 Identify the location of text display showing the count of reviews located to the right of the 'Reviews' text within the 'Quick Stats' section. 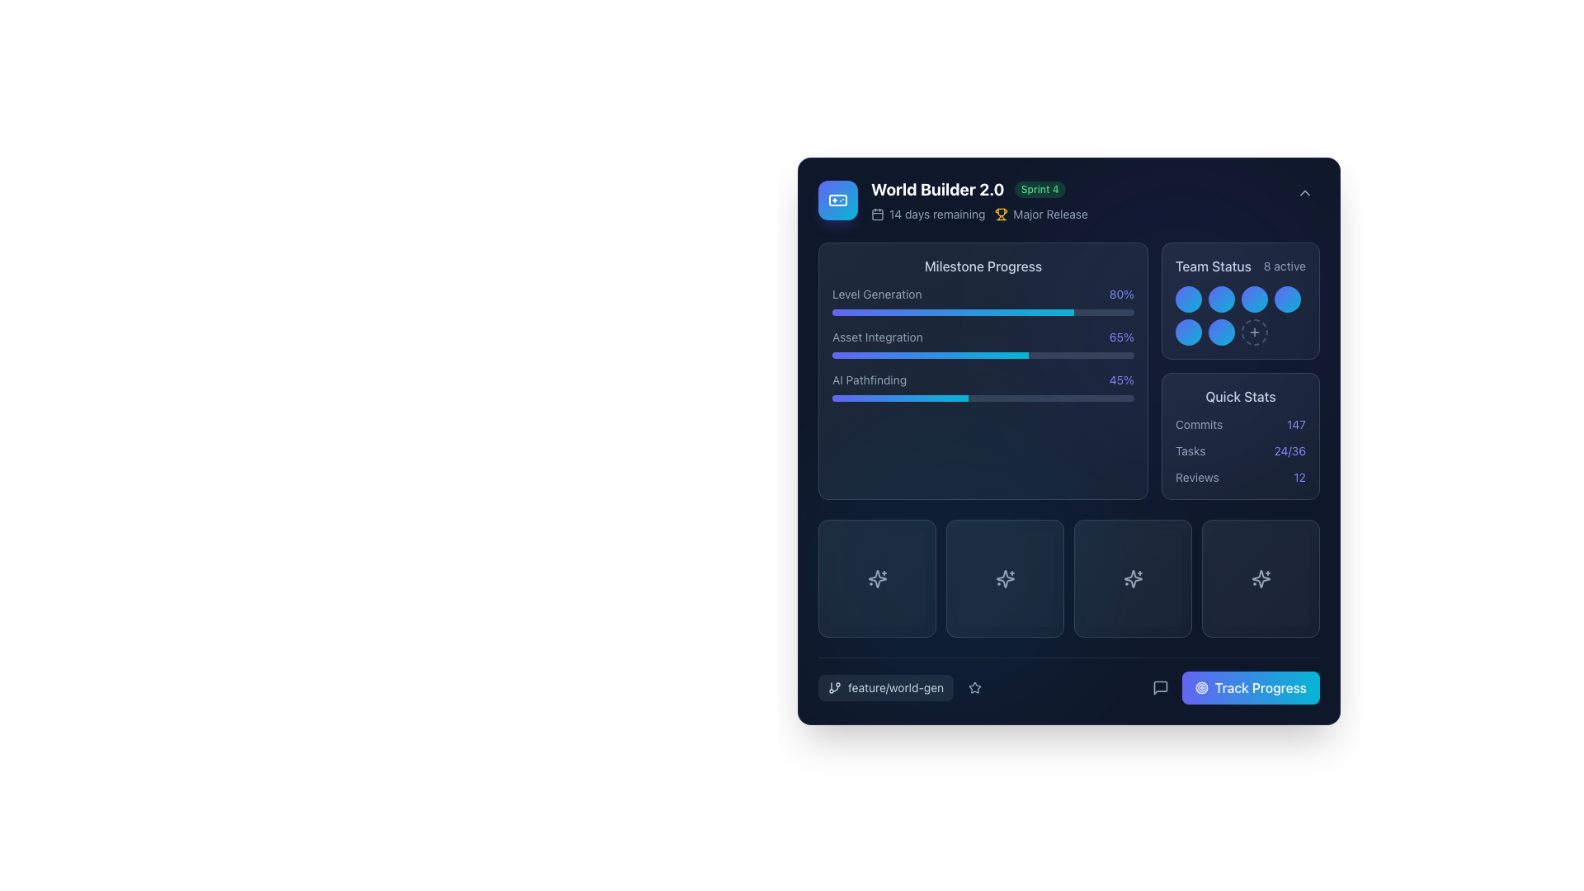
(1299, 477).